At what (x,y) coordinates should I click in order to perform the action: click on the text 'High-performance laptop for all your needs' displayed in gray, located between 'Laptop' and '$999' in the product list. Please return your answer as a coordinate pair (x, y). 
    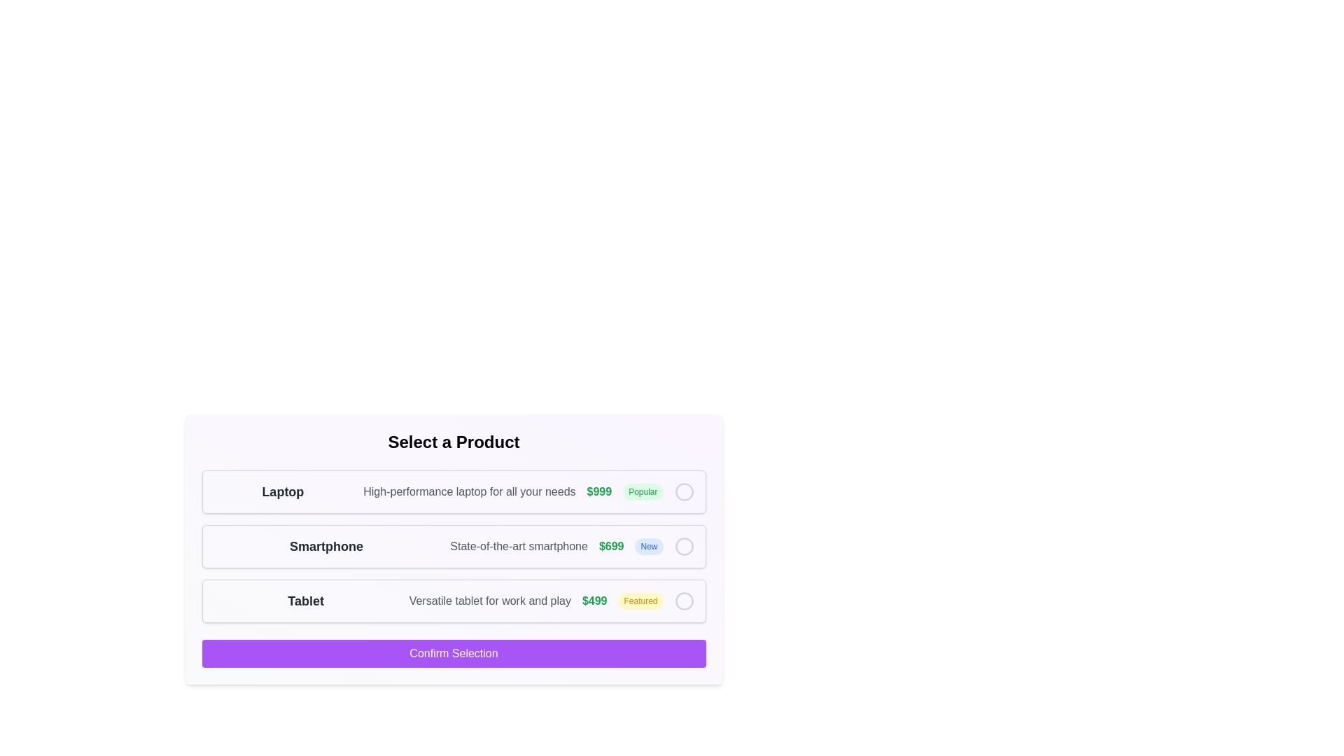
    Looking at the image, I should click on (469, 491).